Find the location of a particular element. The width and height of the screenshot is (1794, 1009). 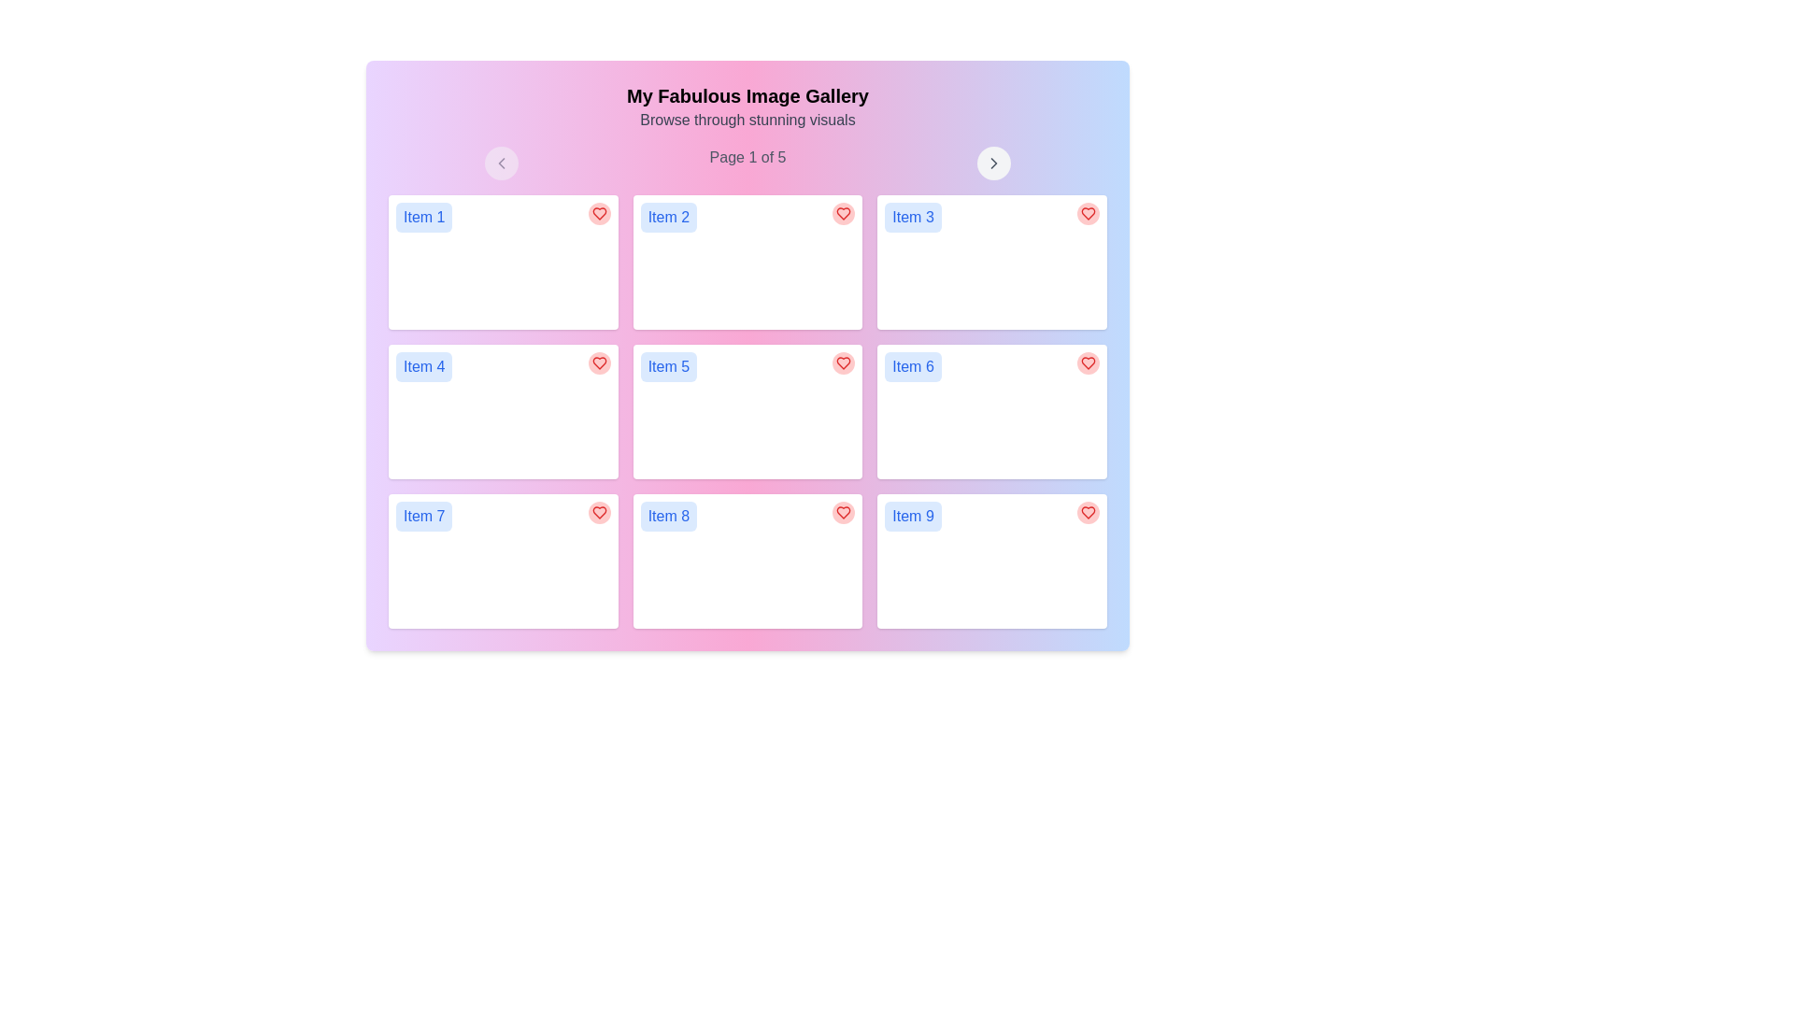

the navigational button located in the pagination section, which is positioned to the left of the 'Page 1 of 5' text is located at coordinates (501, 162).